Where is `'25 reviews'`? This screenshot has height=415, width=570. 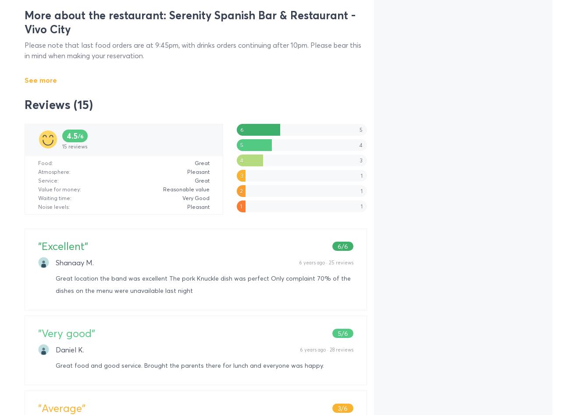 '25 reviews' is located at coordinates (341, 262).